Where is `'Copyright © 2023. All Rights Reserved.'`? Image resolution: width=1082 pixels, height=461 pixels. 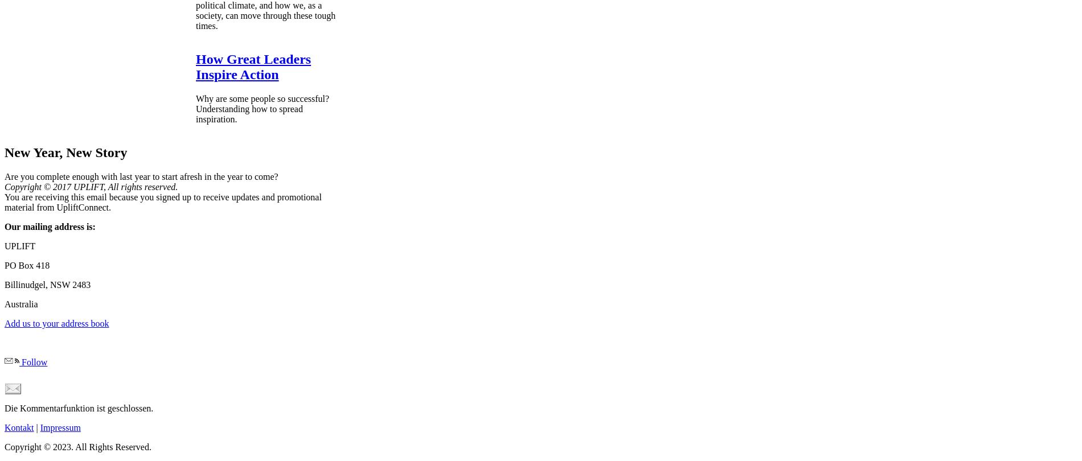
'Copyright © 2023. All Rights Reserved.' is located at coordinates (77, 446).